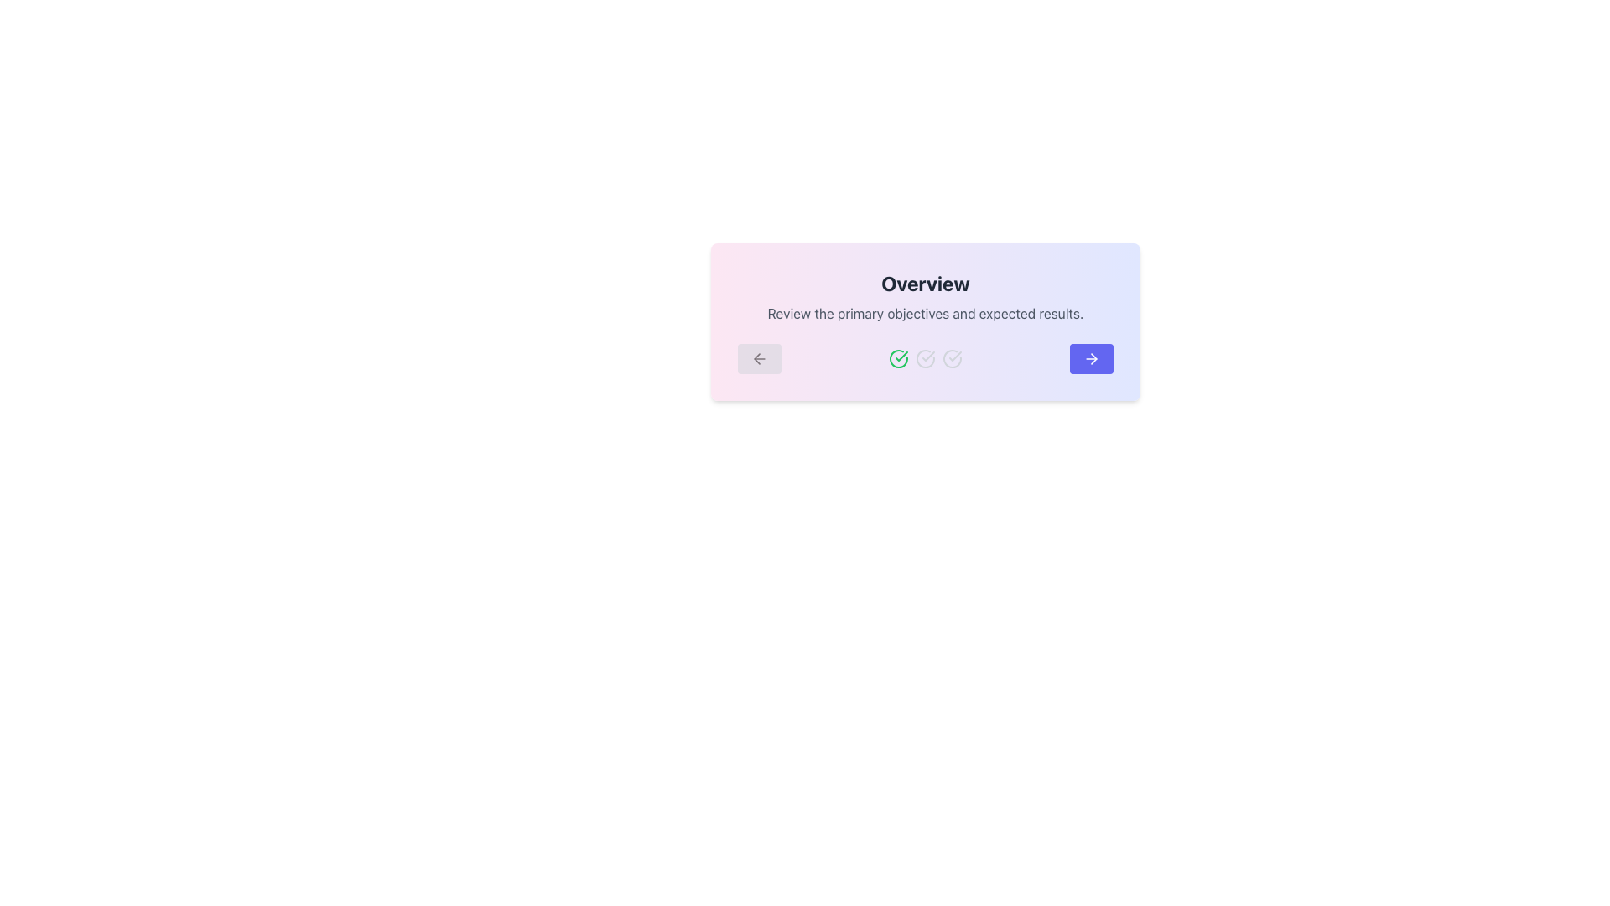 This screenshot has height=906, width=1610. Describe the element at coordinates (901, 355) in the screenshot. I see `the positive action or completion status vector graphic icon located at the center area of the UI` at that location.